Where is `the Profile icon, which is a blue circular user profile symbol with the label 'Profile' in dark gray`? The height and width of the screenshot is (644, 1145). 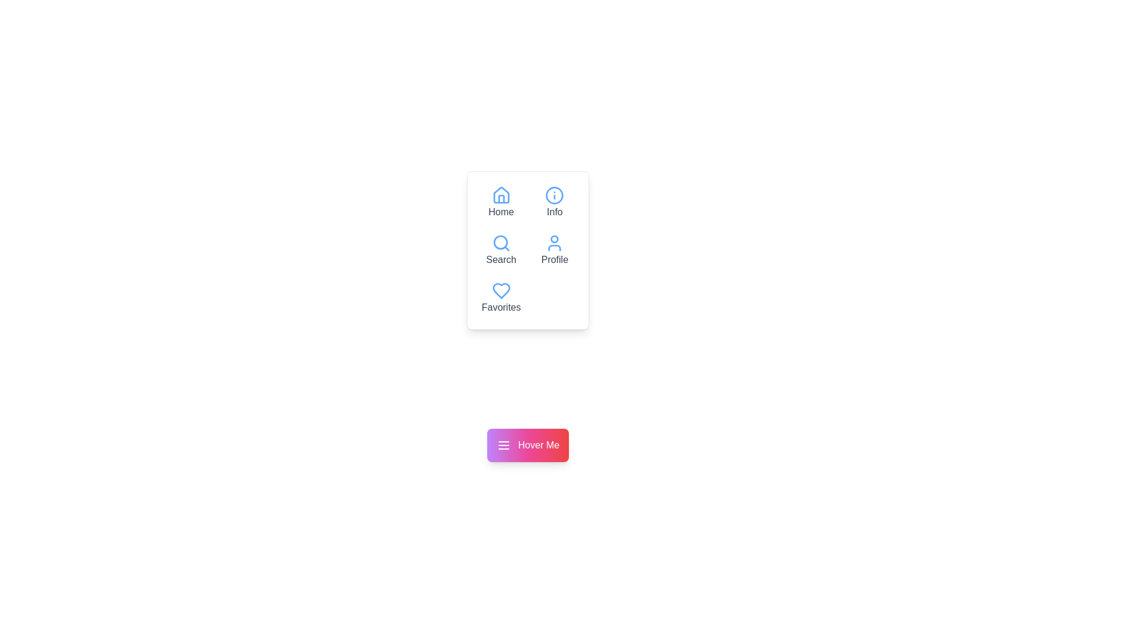 the Profile icon, which is a blue circular user profile symbol with the label 'Profile' in dark gray is located at coordinates (554, 250).